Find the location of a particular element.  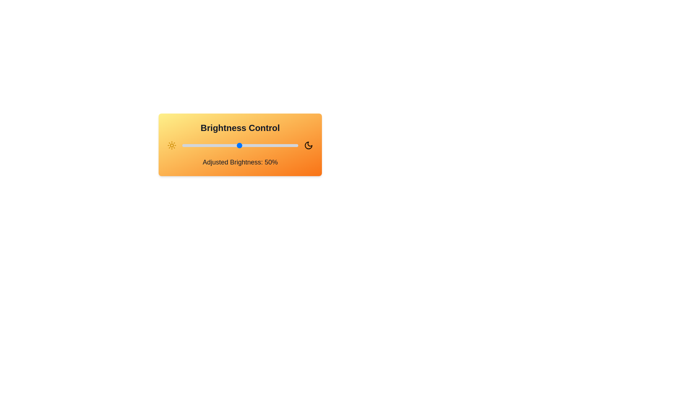

the Sun icon to adjust brightness is located at coordinates (171, 146).